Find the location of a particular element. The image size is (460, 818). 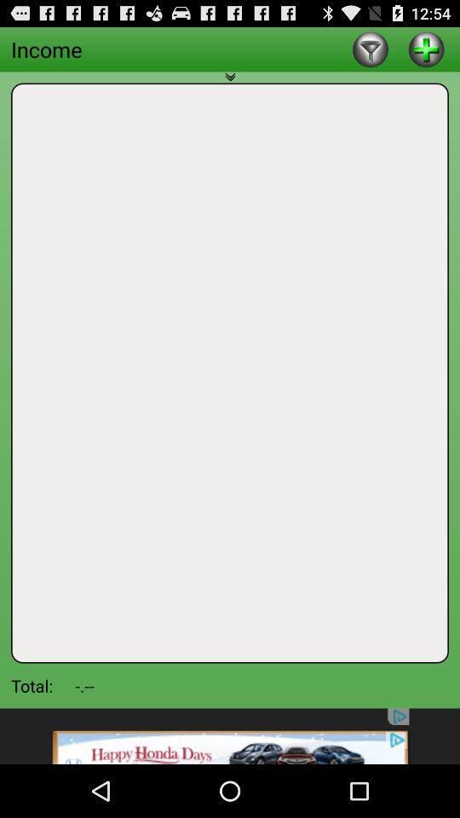

the filter icon is located at coordinates (370, 52).